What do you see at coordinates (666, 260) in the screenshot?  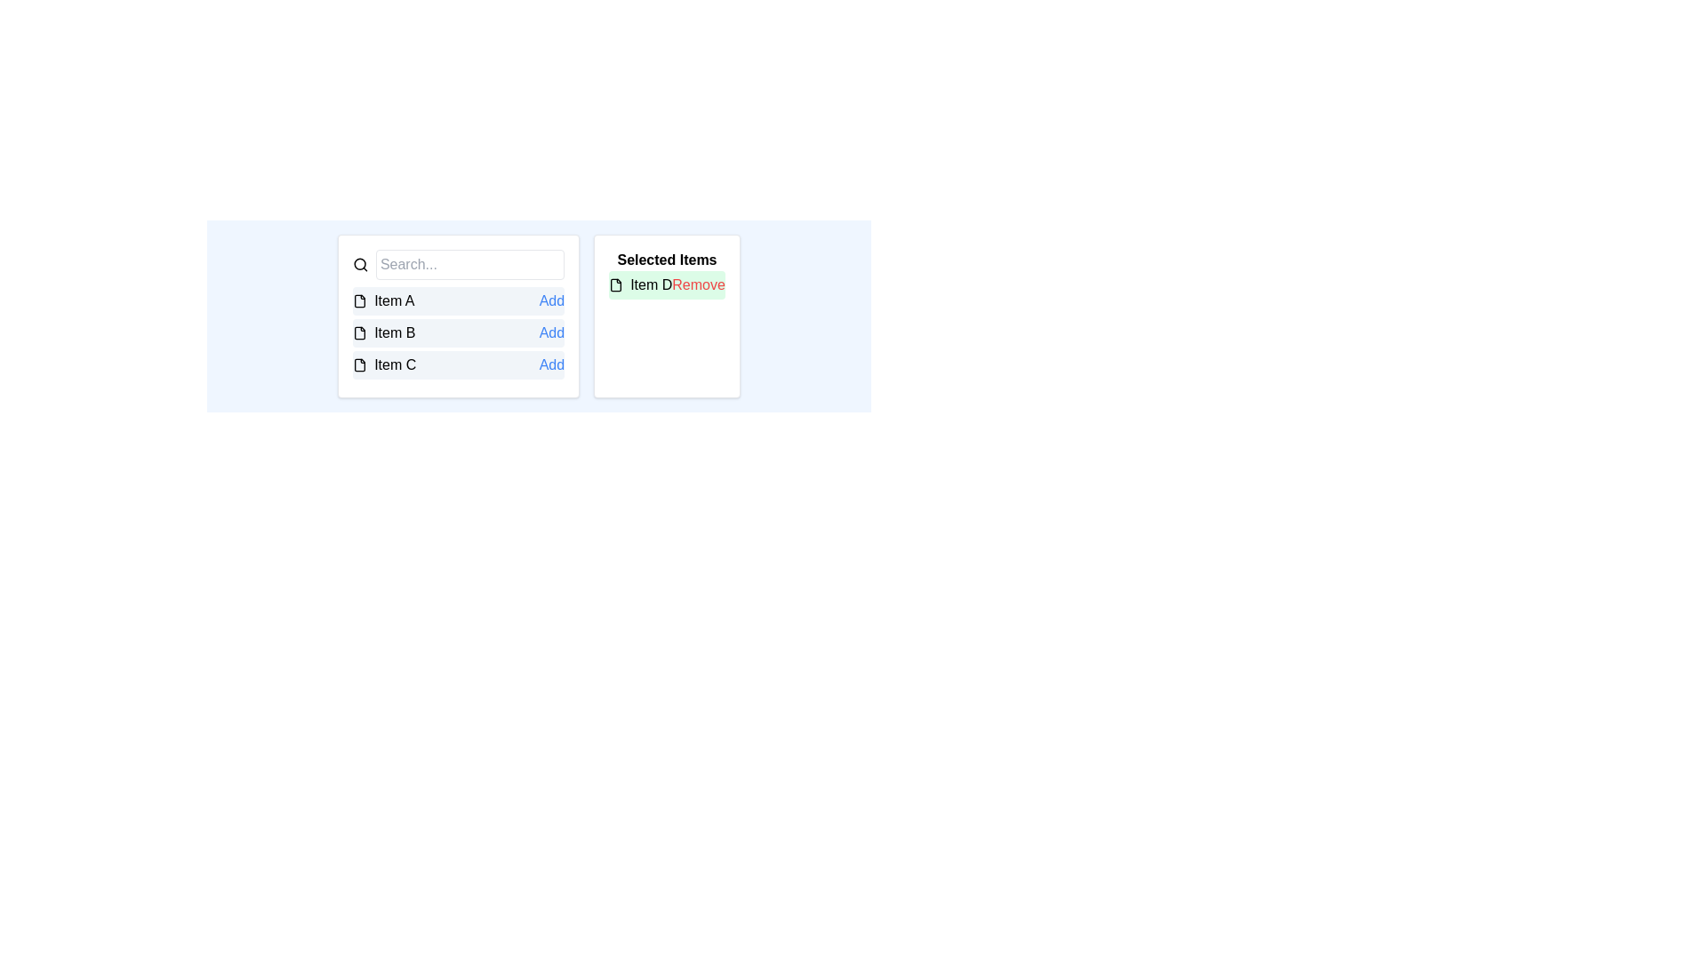 I see `the Text Label that serves as a title or section header for the card, located at the top of the right-hand card, above the item list and 'Remove' button` at bounding box center [666, 260].